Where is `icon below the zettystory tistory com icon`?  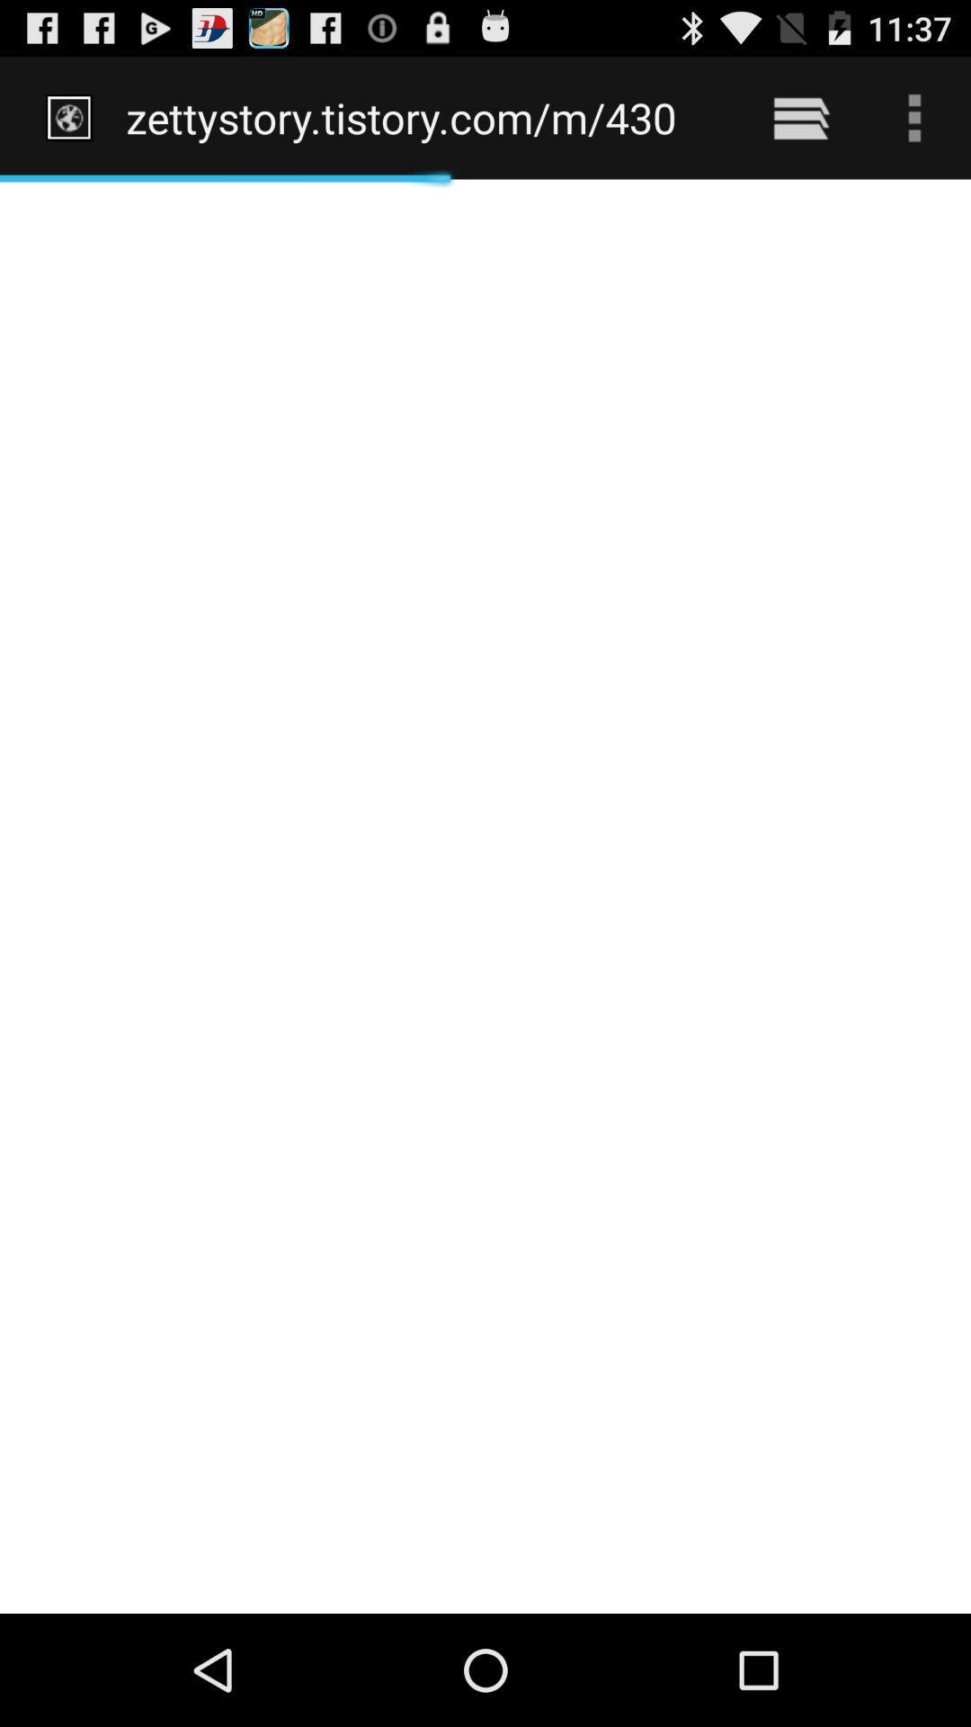
icon below the zettystory tistory com icon is located at coordinates (485, 896).